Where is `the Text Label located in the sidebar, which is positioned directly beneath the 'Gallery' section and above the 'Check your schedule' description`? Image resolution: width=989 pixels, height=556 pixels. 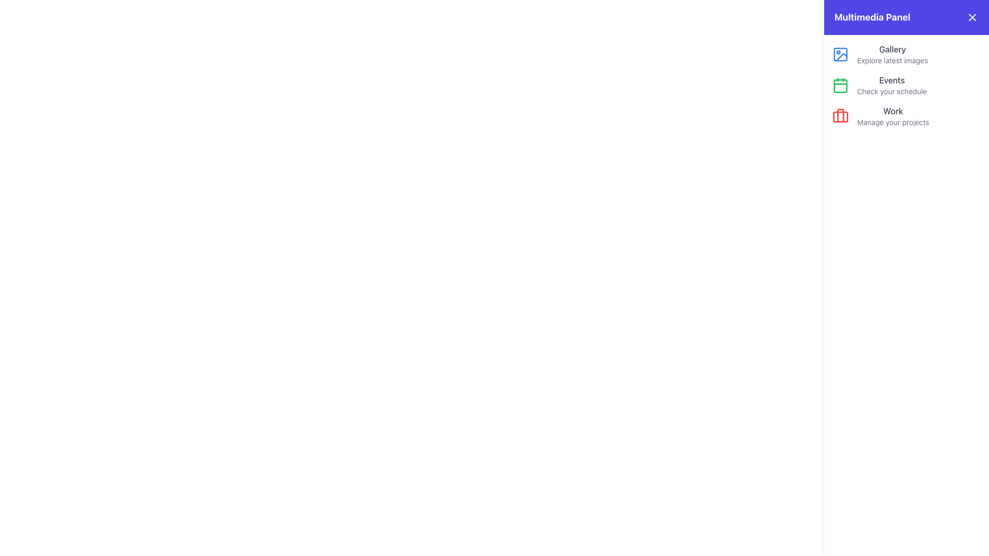
the Text Label located in the sidebar, which is positioned directly beneath the 'Gallery' section and above the 'Check your schedule' description is located at coordinates (891, 79).